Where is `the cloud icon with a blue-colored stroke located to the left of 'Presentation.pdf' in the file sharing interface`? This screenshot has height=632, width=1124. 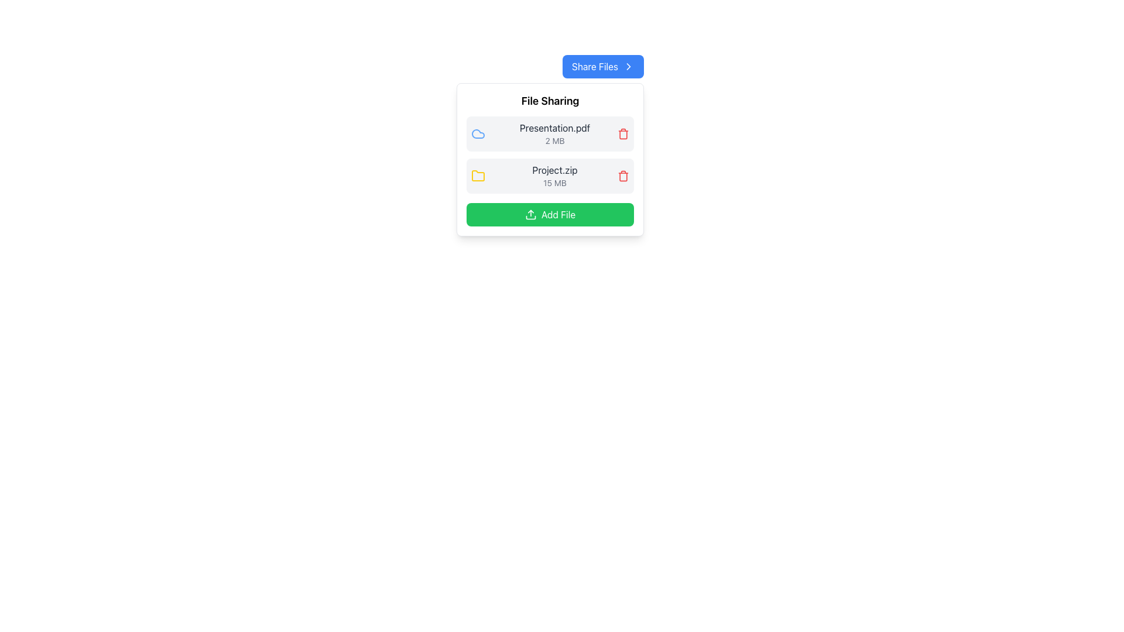
the cloud icon with a blue-colored stroke located to the left of 'Presentation.pdf' in the file sharing interface is located at coordinates (478, 133).